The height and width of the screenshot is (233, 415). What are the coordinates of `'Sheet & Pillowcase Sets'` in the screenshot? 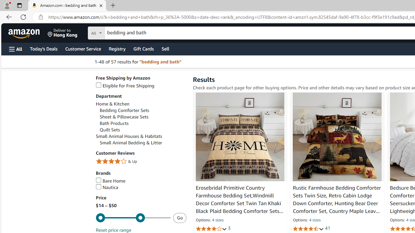 It's located at (142, 117).